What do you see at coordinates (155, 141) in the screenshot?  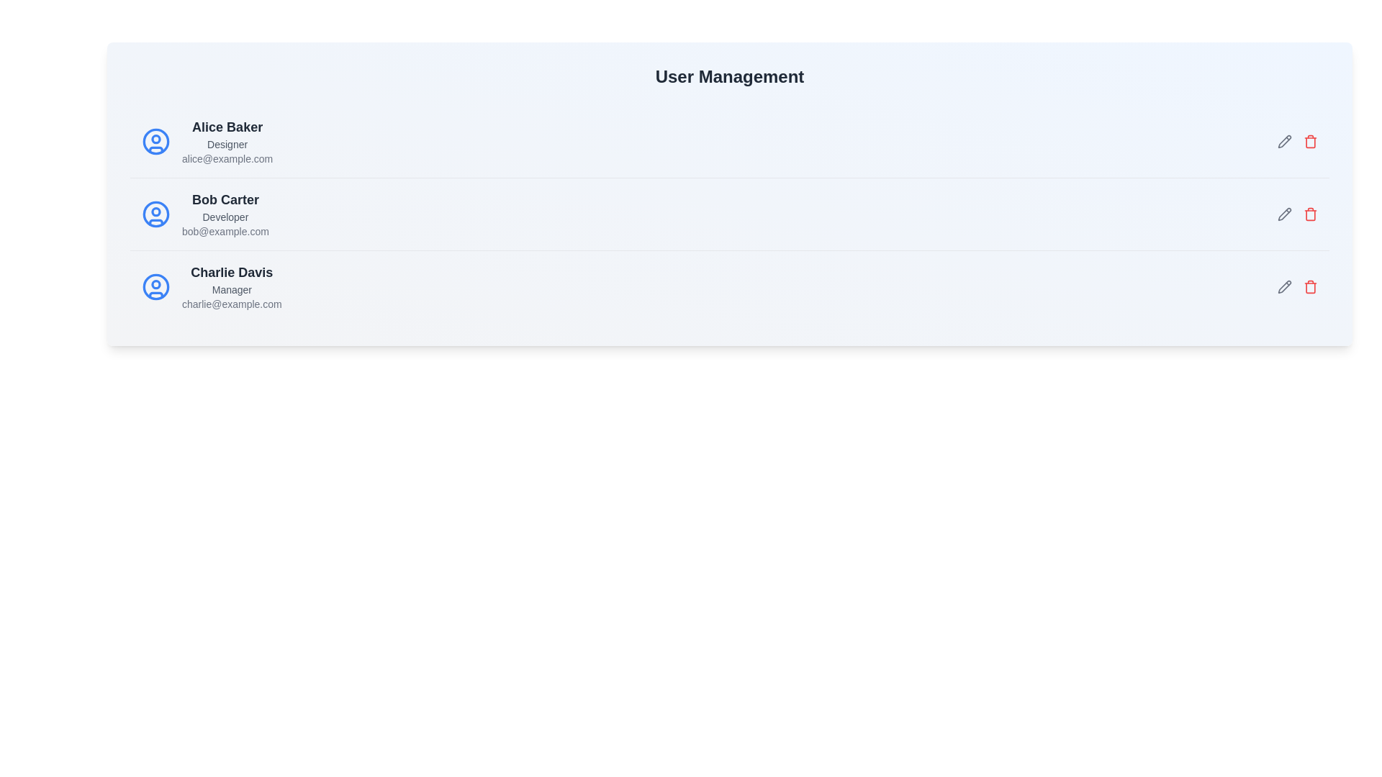 I see `the user icon for Alice Baker` at bounding box center [155, 141].